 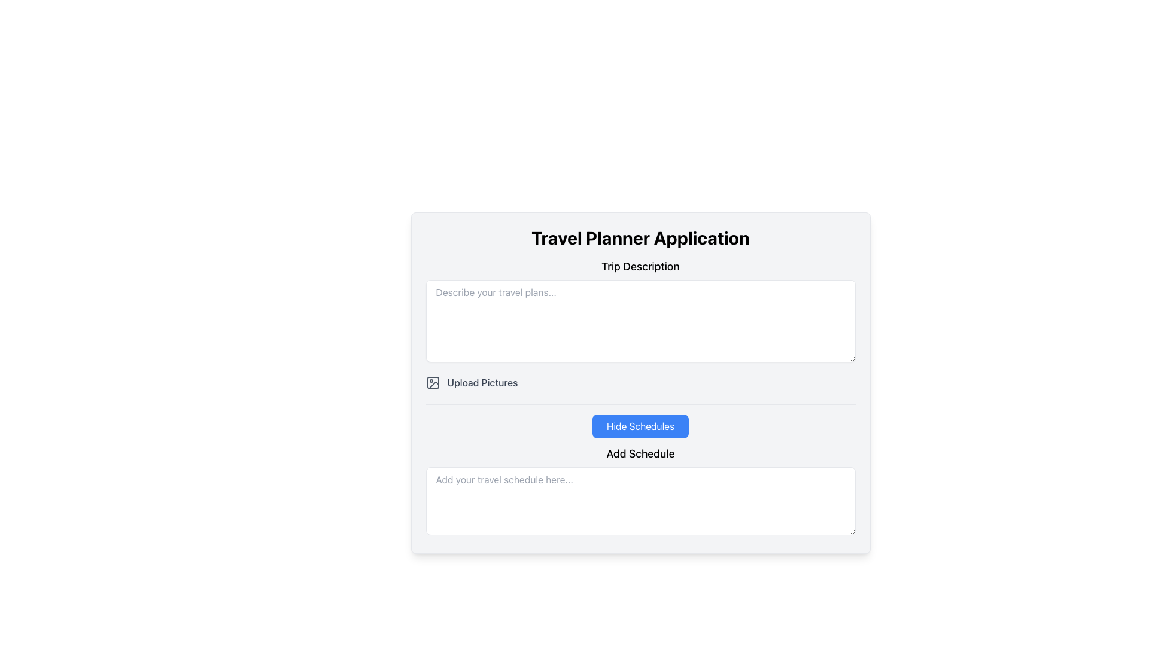 I want to click on the graphical component of the image upload icon located in the upper left quadrant, which serves as the background for the icon next to the 'Upload Pictures' text, so click(x=432, y=383).